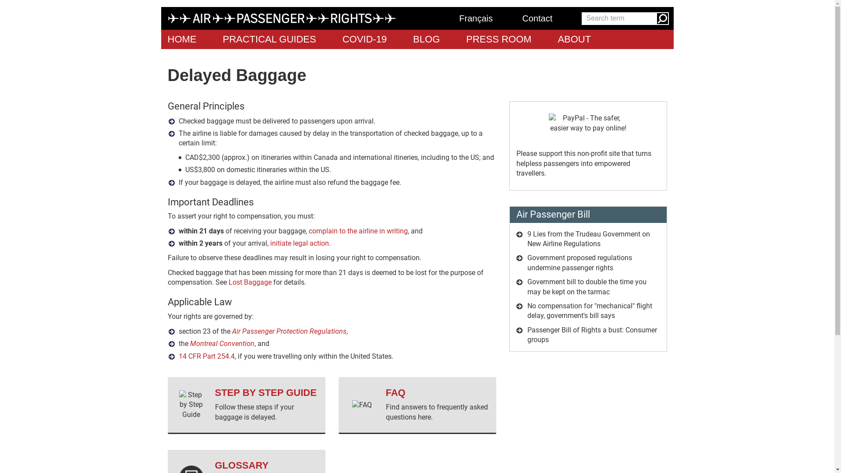 The image size is (841, 473). What do you see at coordinates (182, 39) in the screenshot?
I see `'HOME'` at bounding box center [182, 39].